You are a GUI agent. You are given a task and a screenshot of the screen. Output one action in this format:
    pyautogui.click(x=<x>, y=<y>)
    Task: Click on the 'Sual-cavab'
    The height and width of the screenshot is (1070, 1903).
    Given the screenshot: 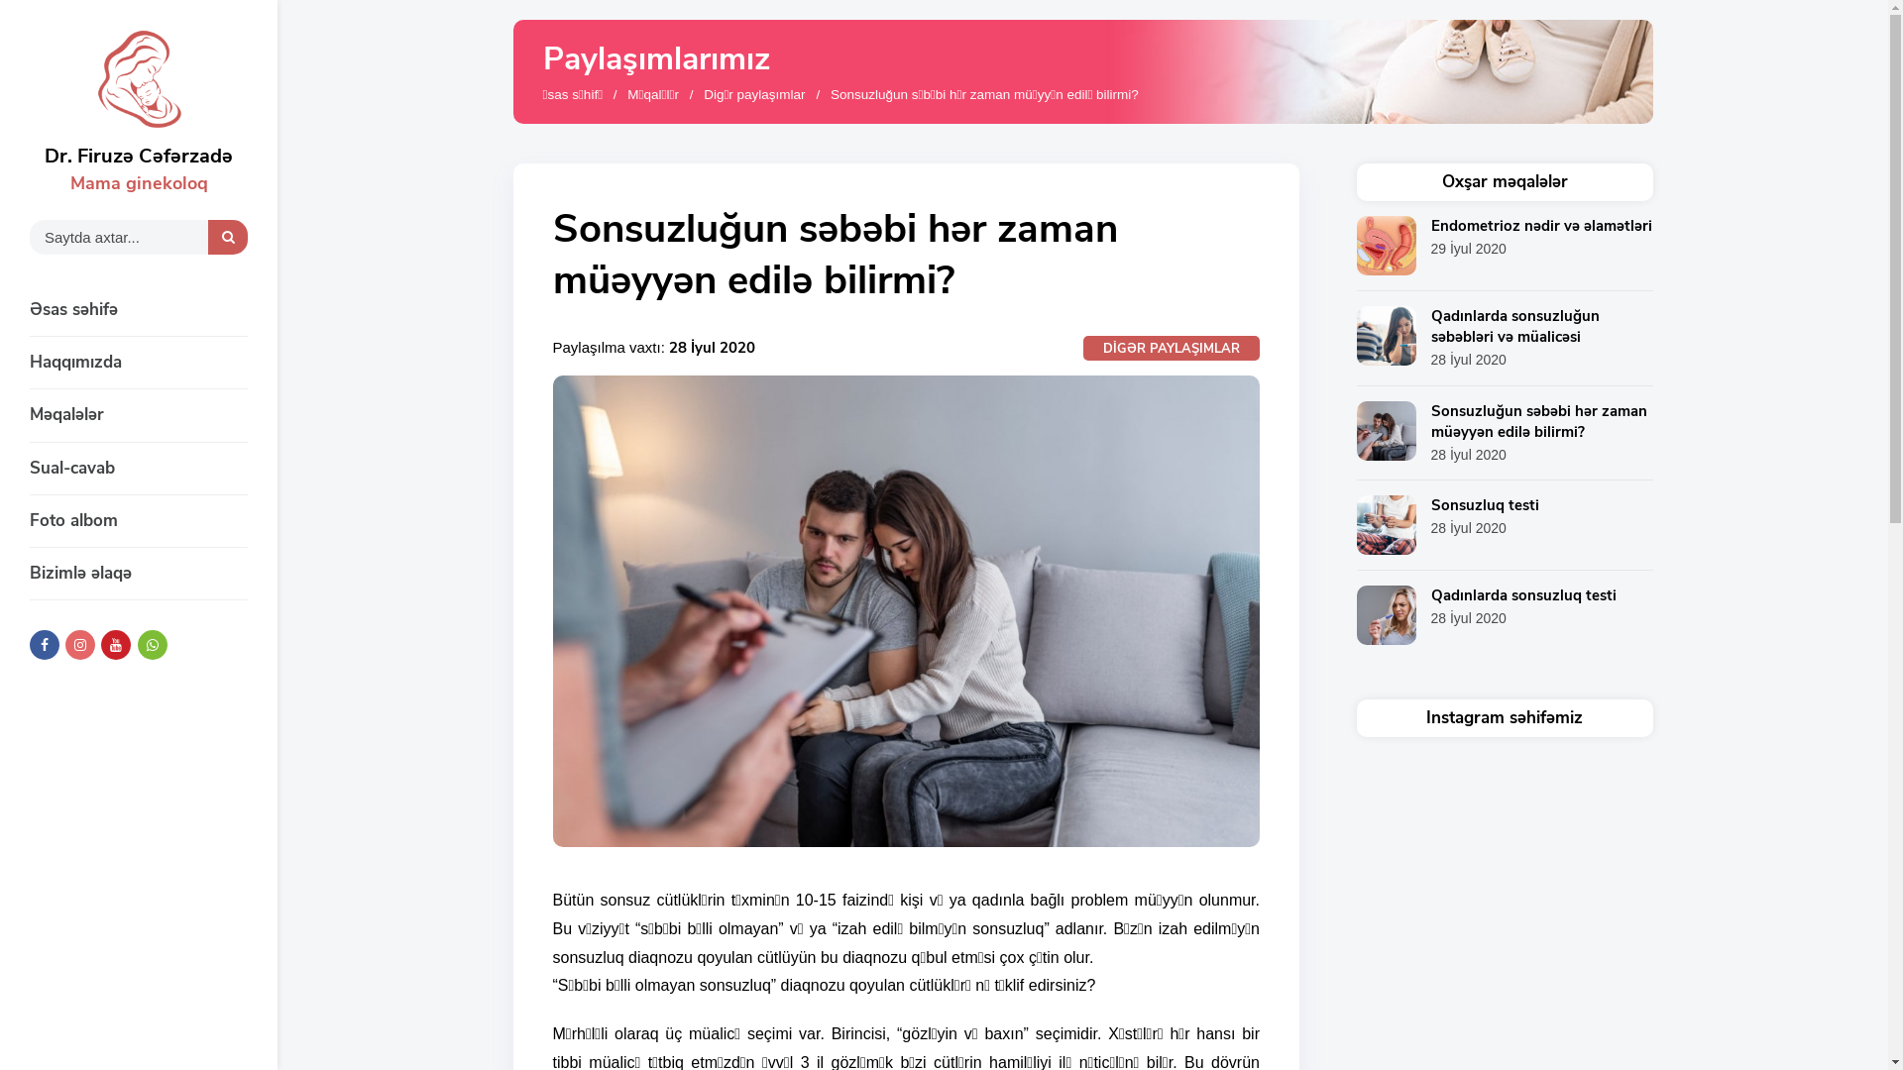 What is the action you would take?
    pyautogui.click(x=29, y=469)
    